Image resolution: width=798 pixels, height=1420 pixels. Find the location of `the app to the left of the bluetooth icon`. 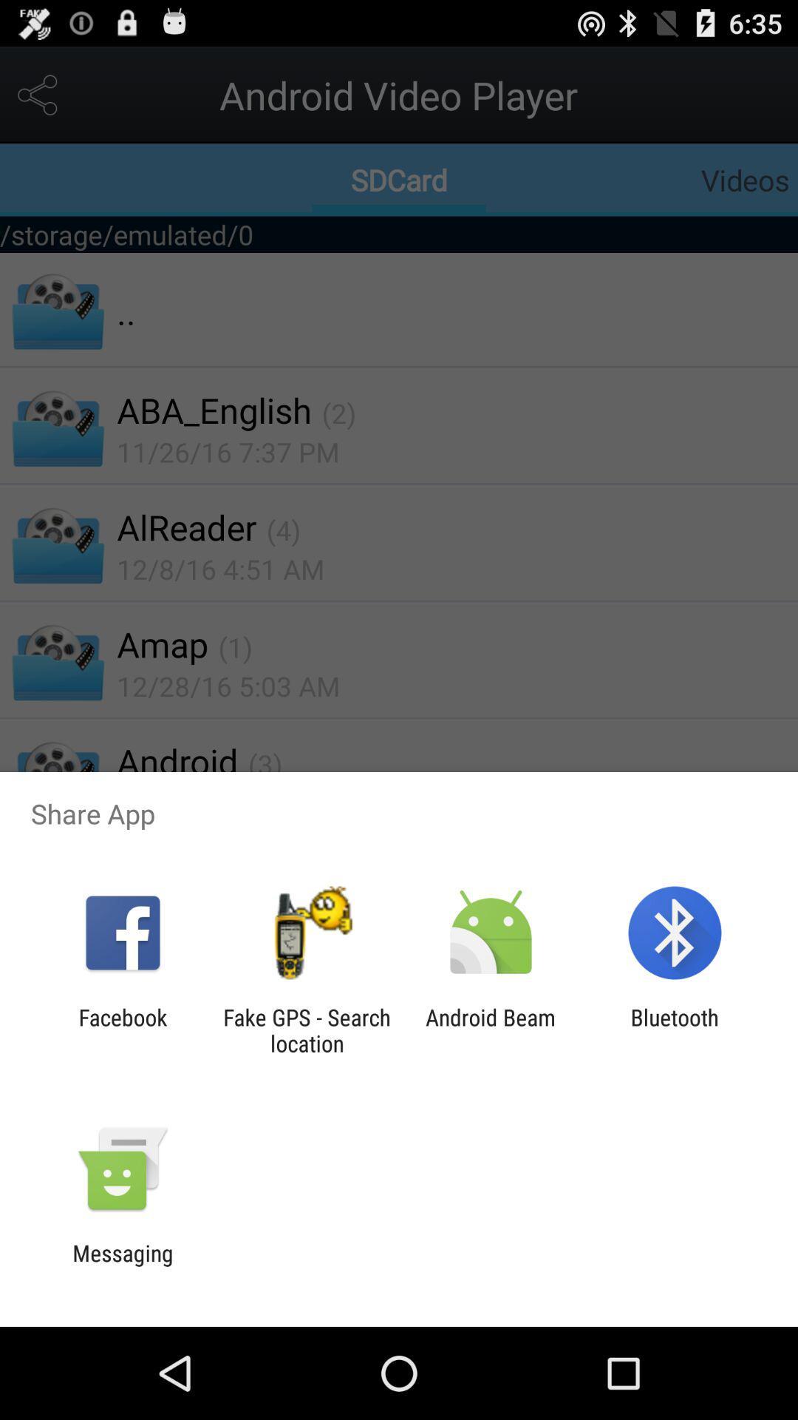

the app to the left of the bluetooth icon is located at coordinates (491, 1029).